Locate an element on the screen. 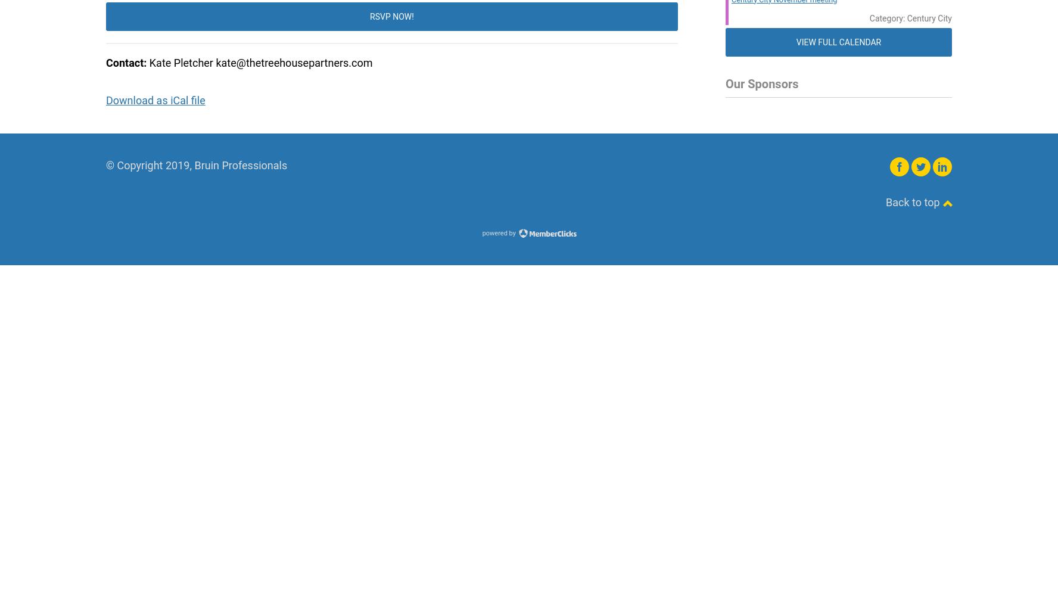 Image resolution: width=1058 pixels, height=596 pixels. 'powered by' is located at coordinates (499, 232).